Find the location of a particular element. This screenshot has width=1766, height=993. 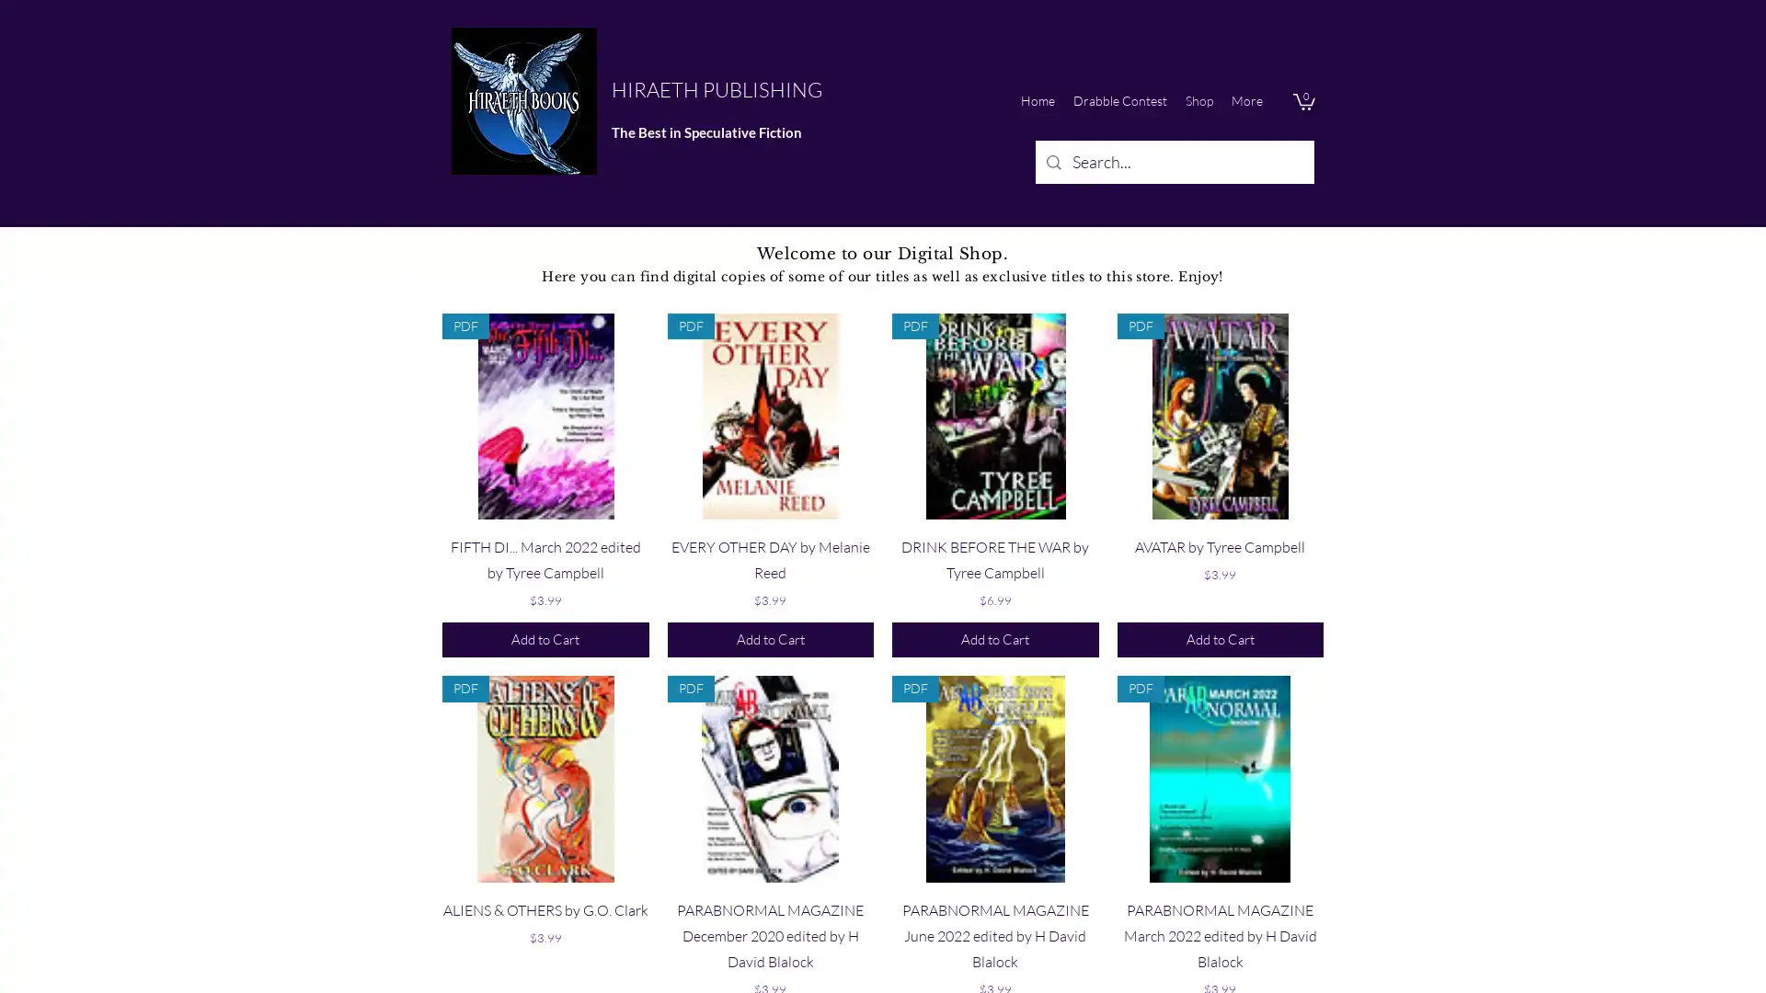

Cart with 0 items is located at coordinates (1302, 101).